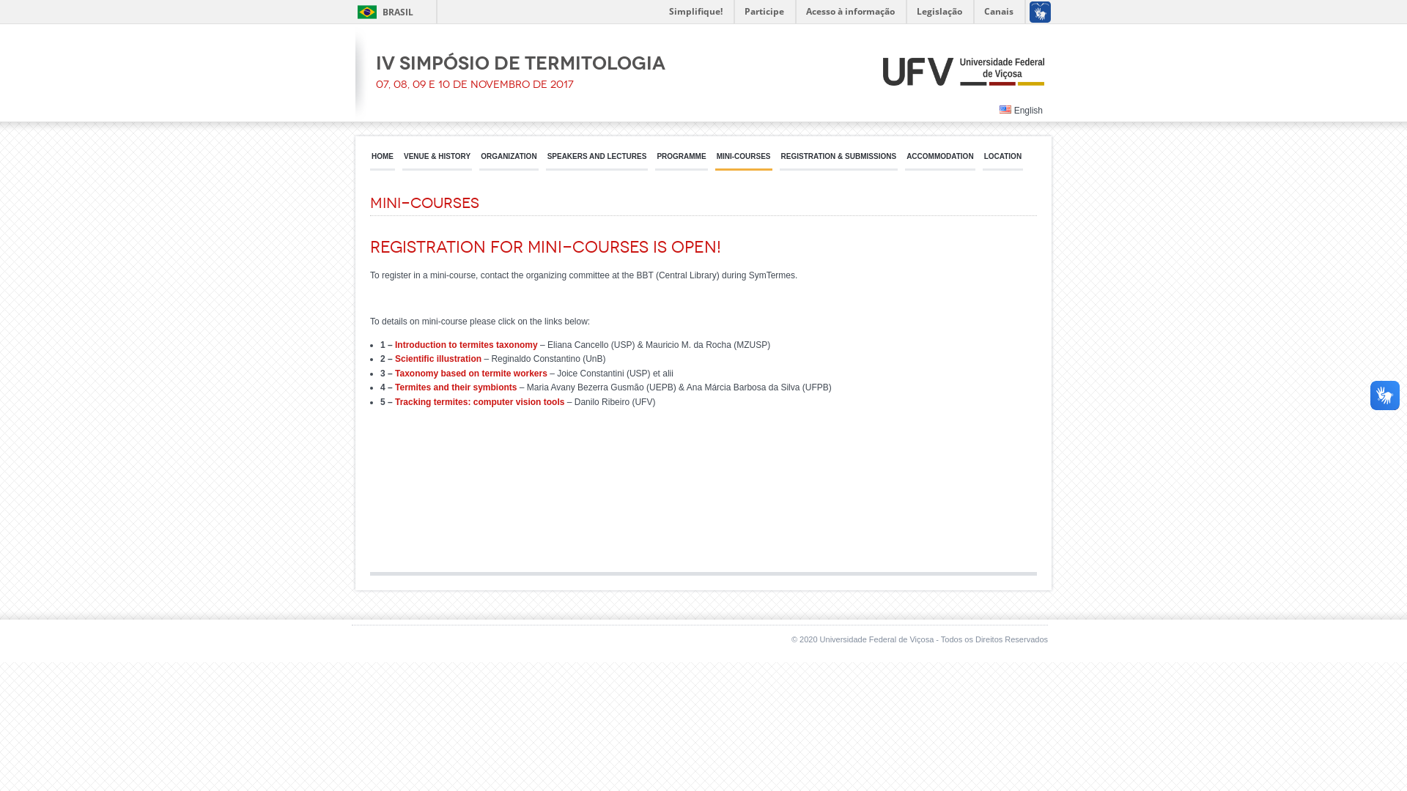 The height and width of the screenshot is (791, 1407). What do you see at coordinates (436, 160) in the screenshot?
I see `'VENUE & HISTORY'` at bounding box center [436, 160].